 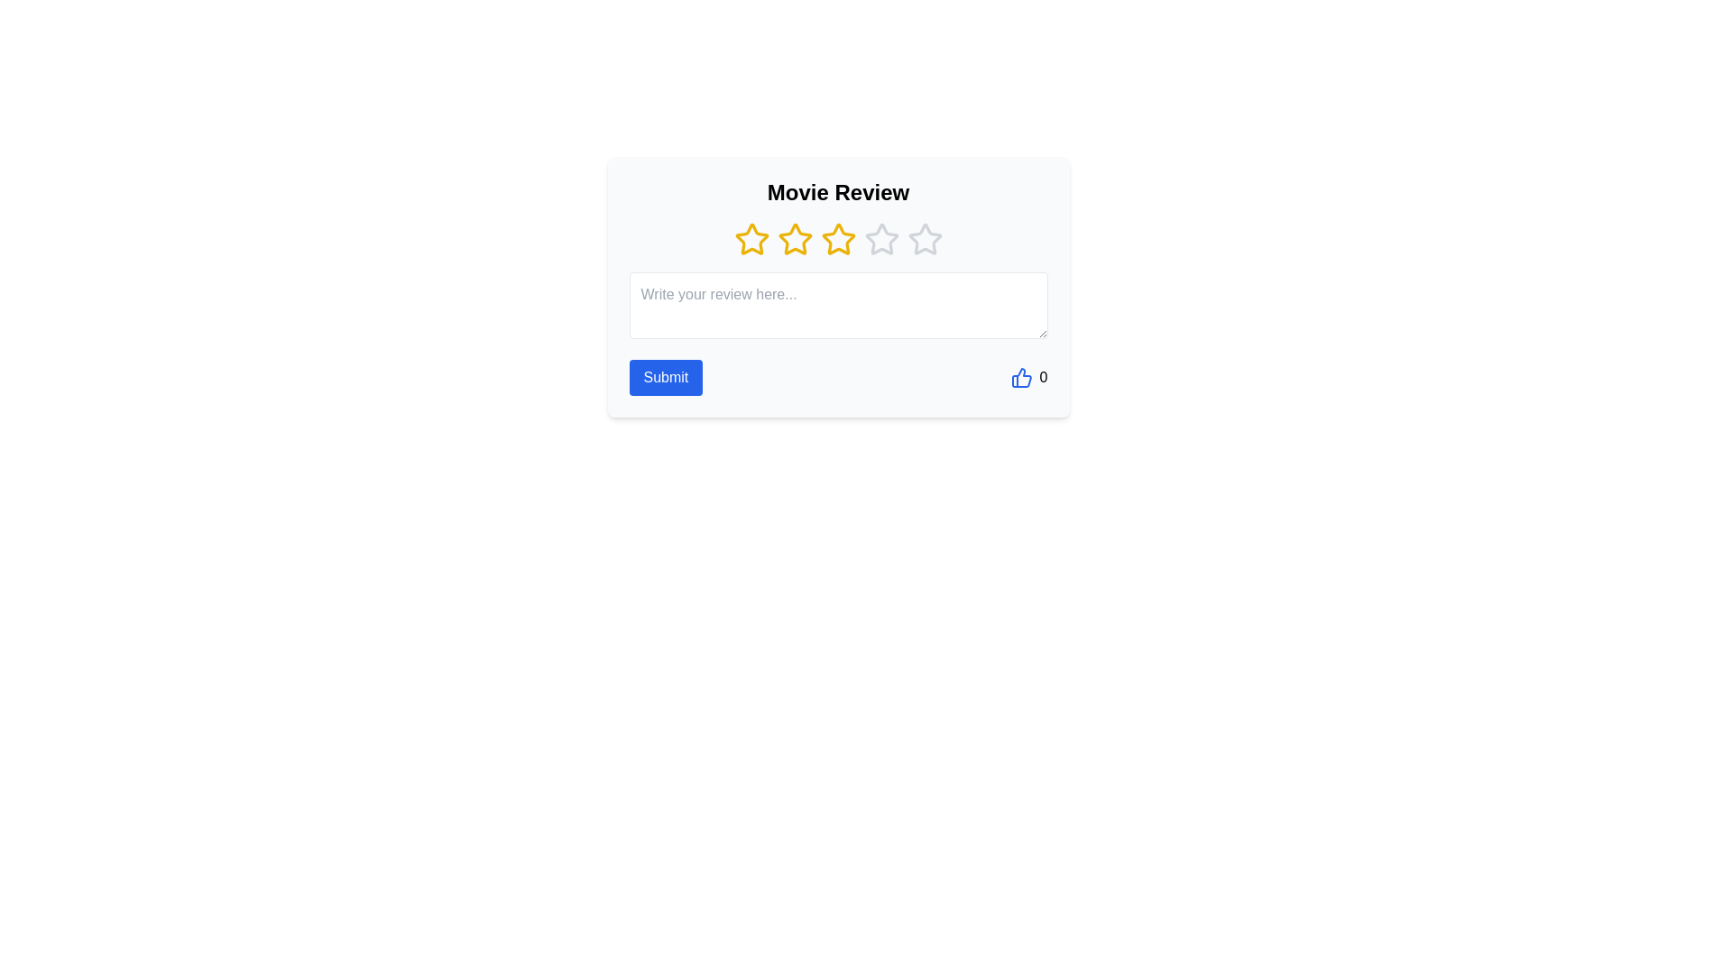 I want to click on the thumbs up icon to increase the like count, so click(x=1021, y=377).